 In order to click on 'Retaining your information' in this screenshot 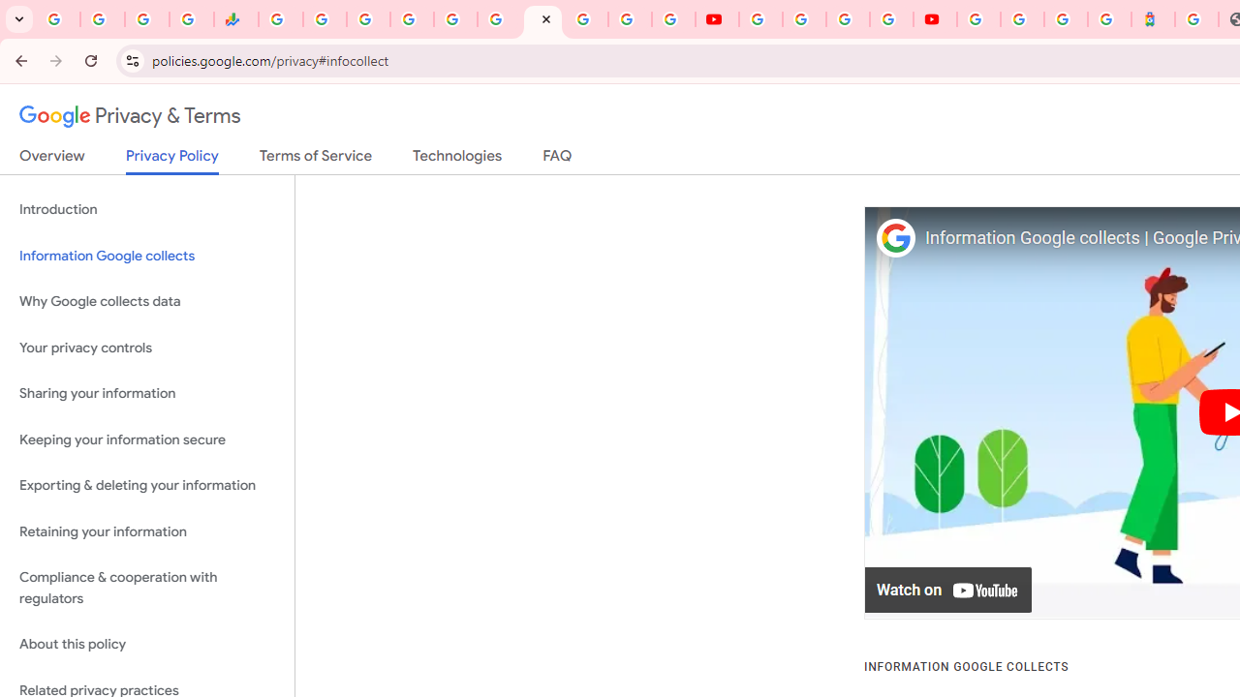, I will do `click(146, 531)`.